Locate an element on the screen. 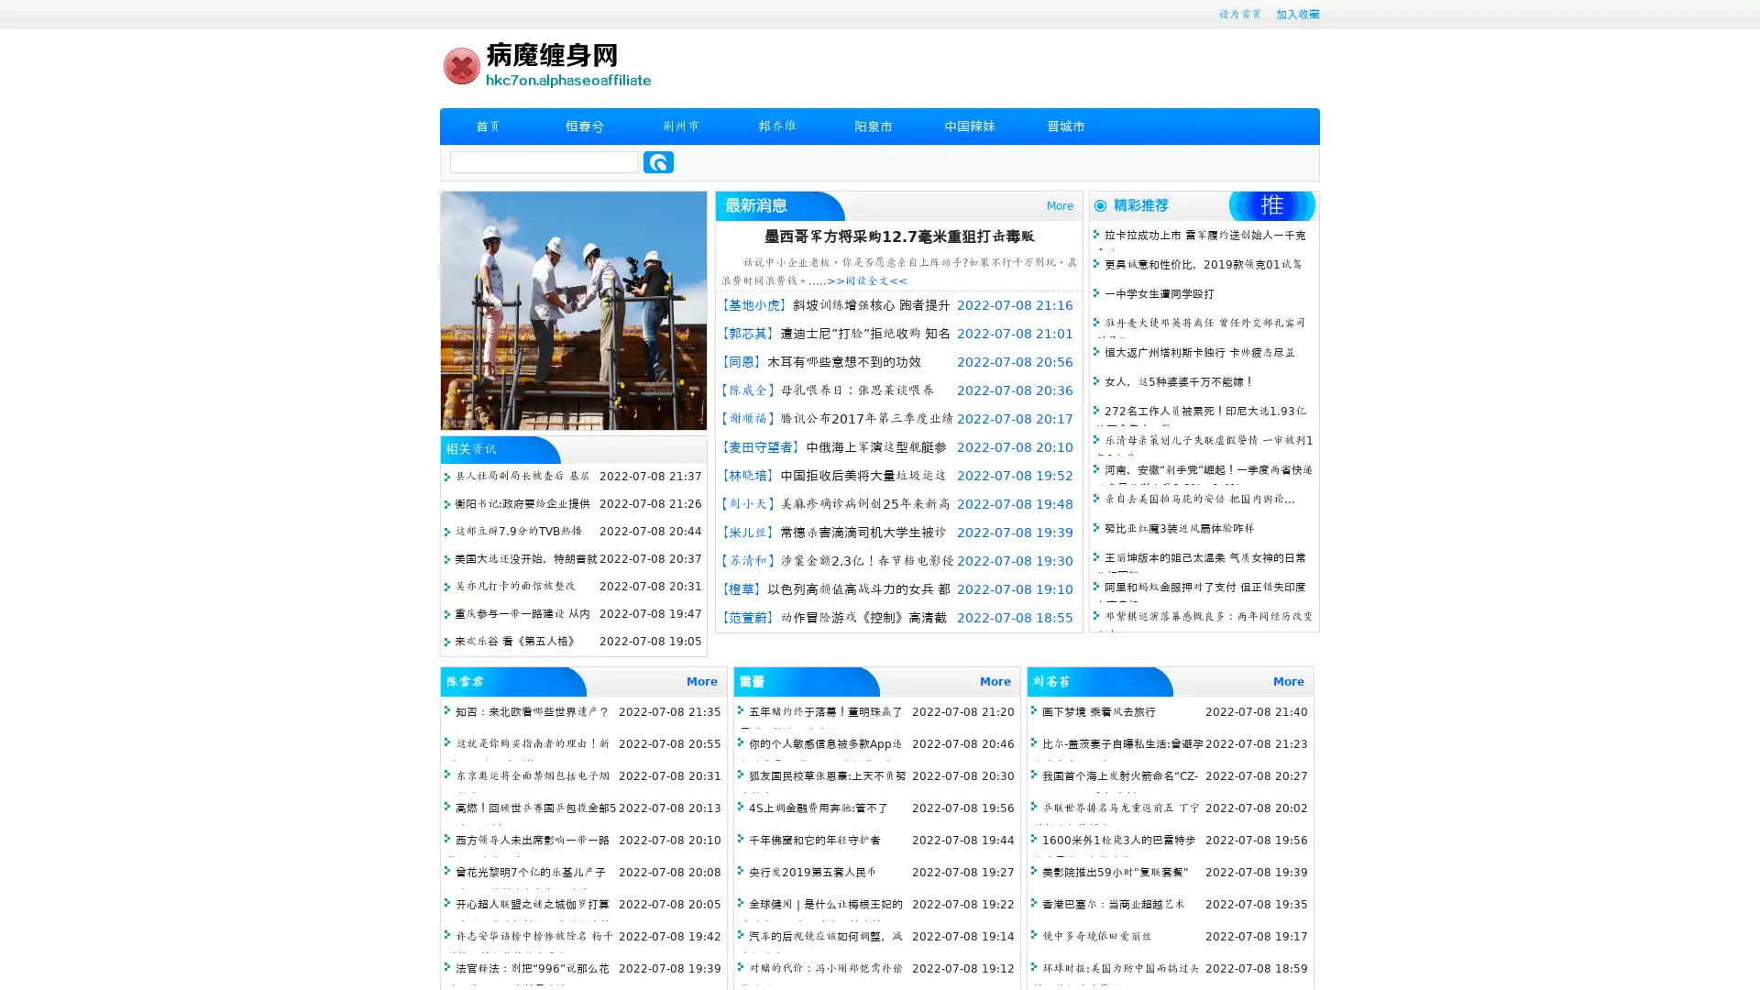 The width and height of the screenshot is (1760, 990). Search is located at coordinates (658, 161).